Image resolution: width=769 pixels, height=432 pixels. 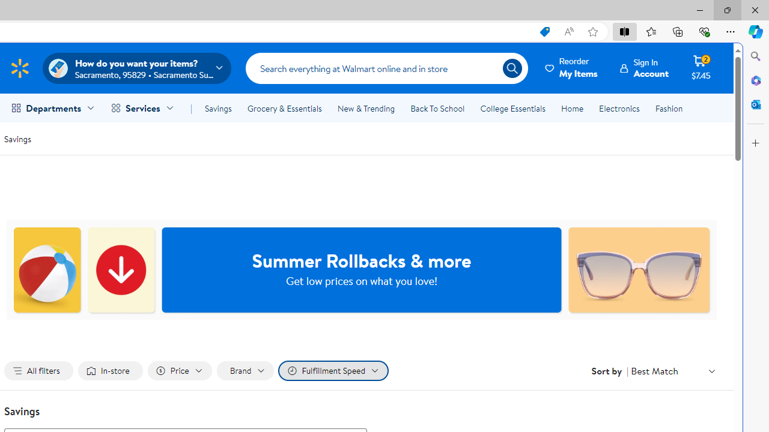 What do you see at coordinates (284, 109) in the screenshot?
I see `'Grocery & Essentials'` at bounding box center [284, 109].